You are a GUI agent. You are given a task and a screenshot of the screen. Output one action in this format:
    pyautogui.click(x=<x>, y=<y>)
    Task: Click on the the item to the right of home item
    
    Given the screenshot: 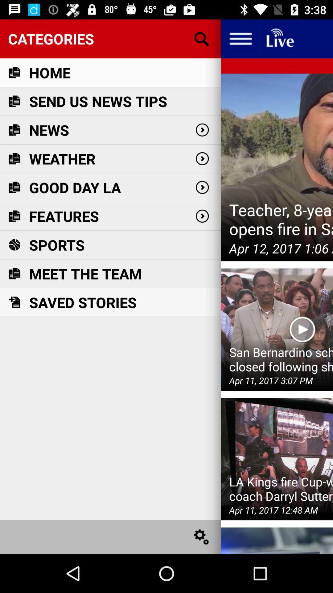 What is the action you would take?
    pyautogui.click(x=202, y=38)
    